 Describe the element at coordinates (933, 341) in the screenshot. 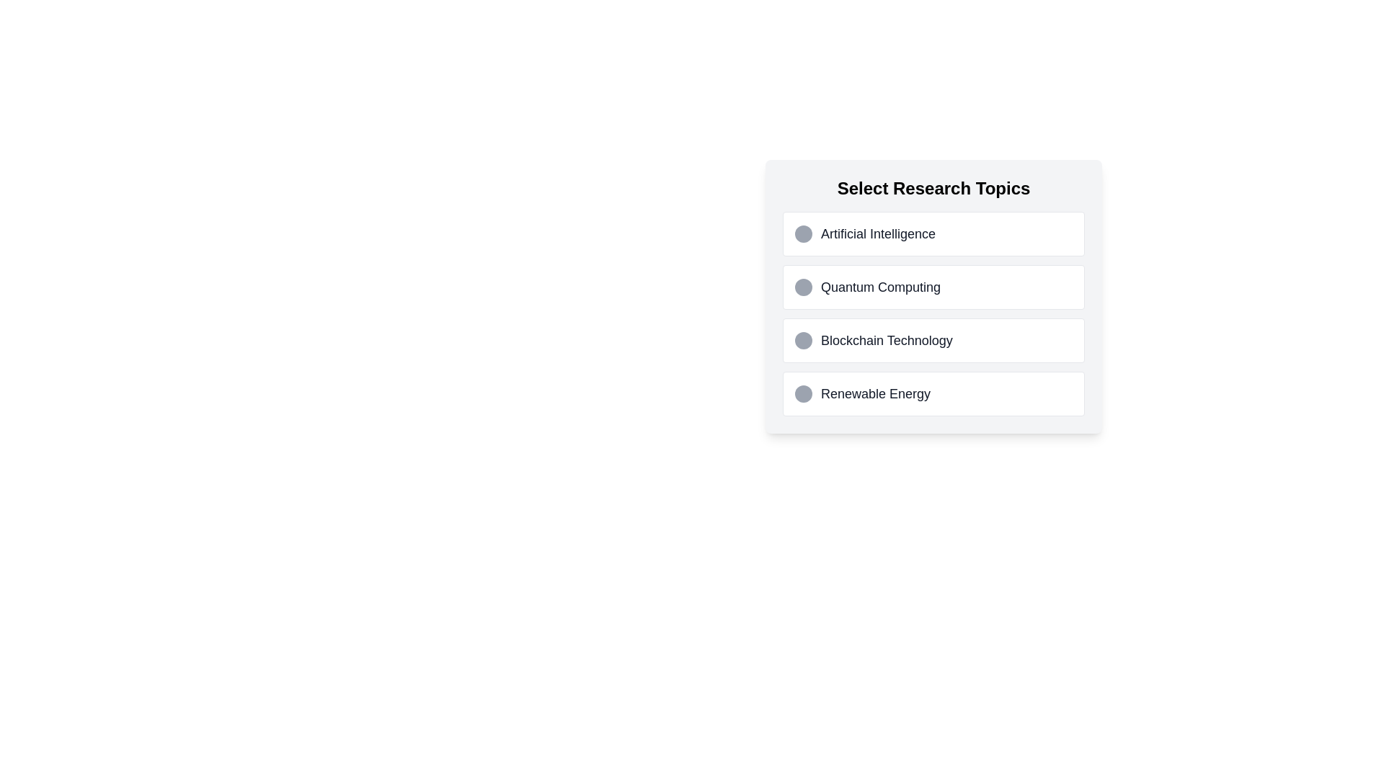

I see `to select the 'Blockchain Technology' card, which is the third option in the 'Select Research Topics' section, located between 'Quantum Computing' and 'Renewable Energy'` at that location.